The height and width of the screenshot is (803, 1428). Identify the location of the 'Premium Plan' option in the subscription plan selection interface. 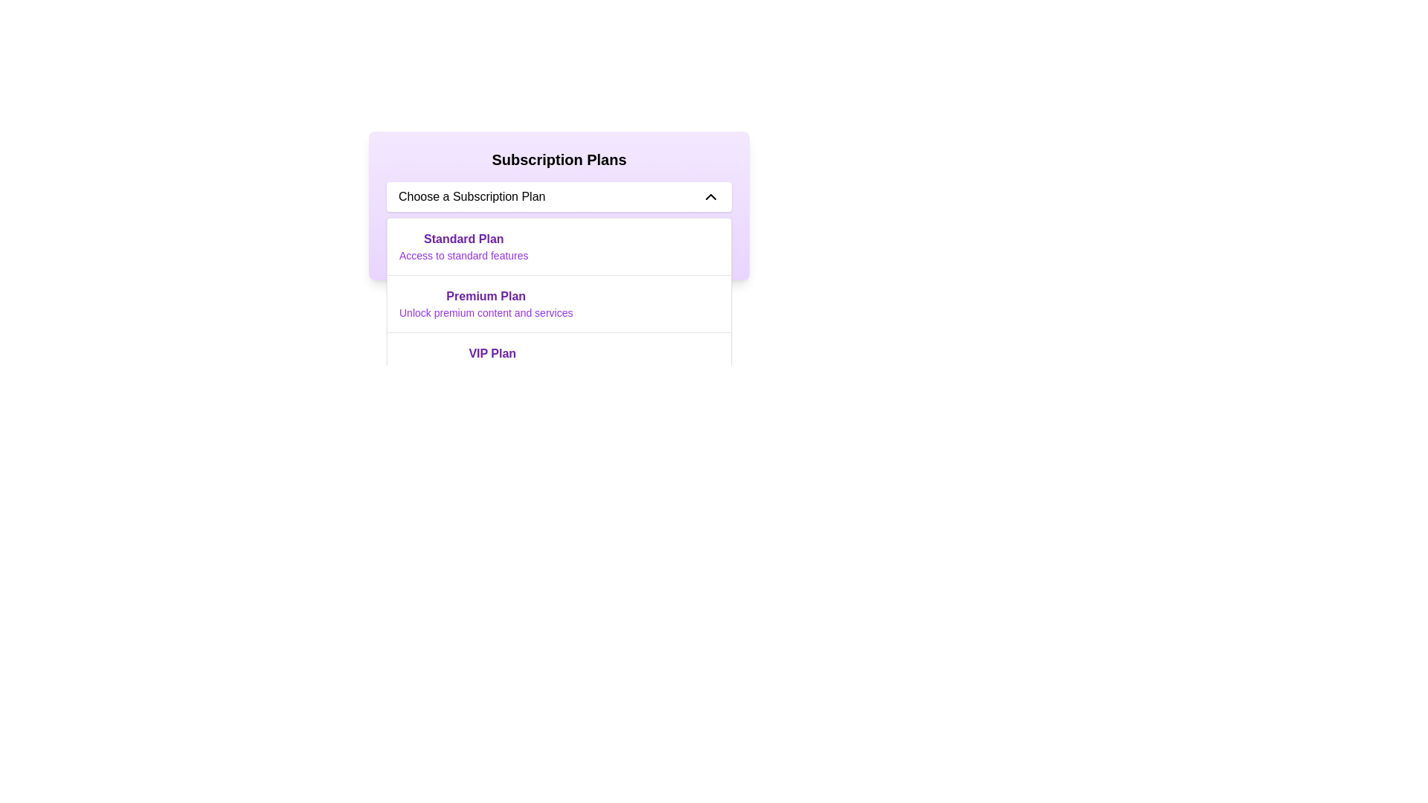
(559, 303).